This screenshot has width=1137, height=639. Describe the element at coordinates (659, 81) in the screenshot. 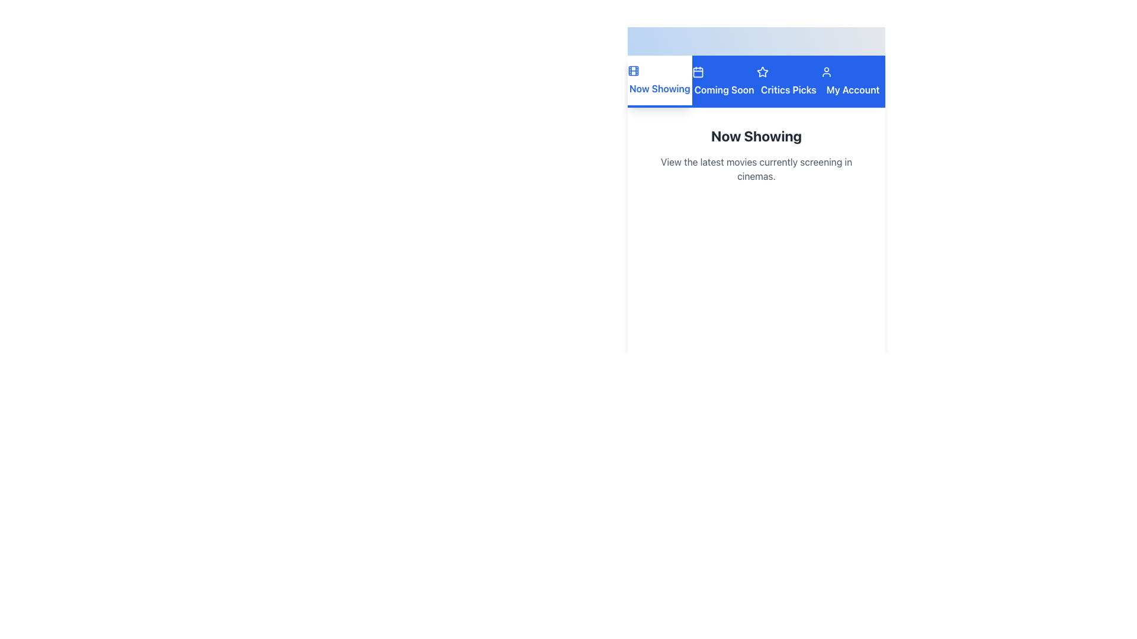

I see `the button labeled 'Now Showing' with a film reel icon` at that location.